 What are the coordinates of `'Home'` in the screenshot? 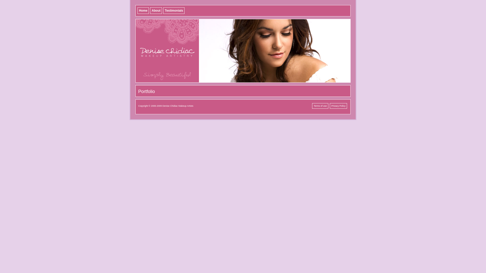 It's located at (143, 11).